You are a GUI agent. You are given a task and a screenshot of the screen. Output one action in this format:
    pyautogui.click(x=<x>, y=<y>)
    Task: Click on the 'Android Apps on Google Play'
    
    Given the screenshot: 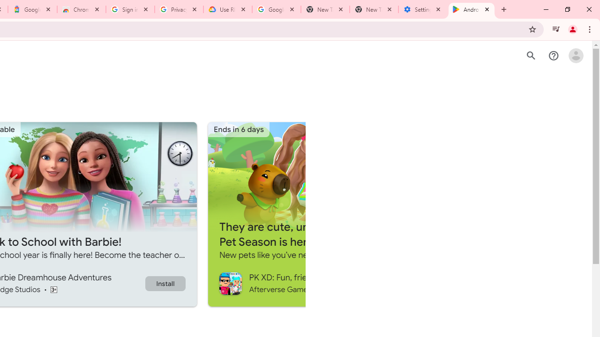 What is the action you would take?
    pyautogui.click(x=472, y=9)
    